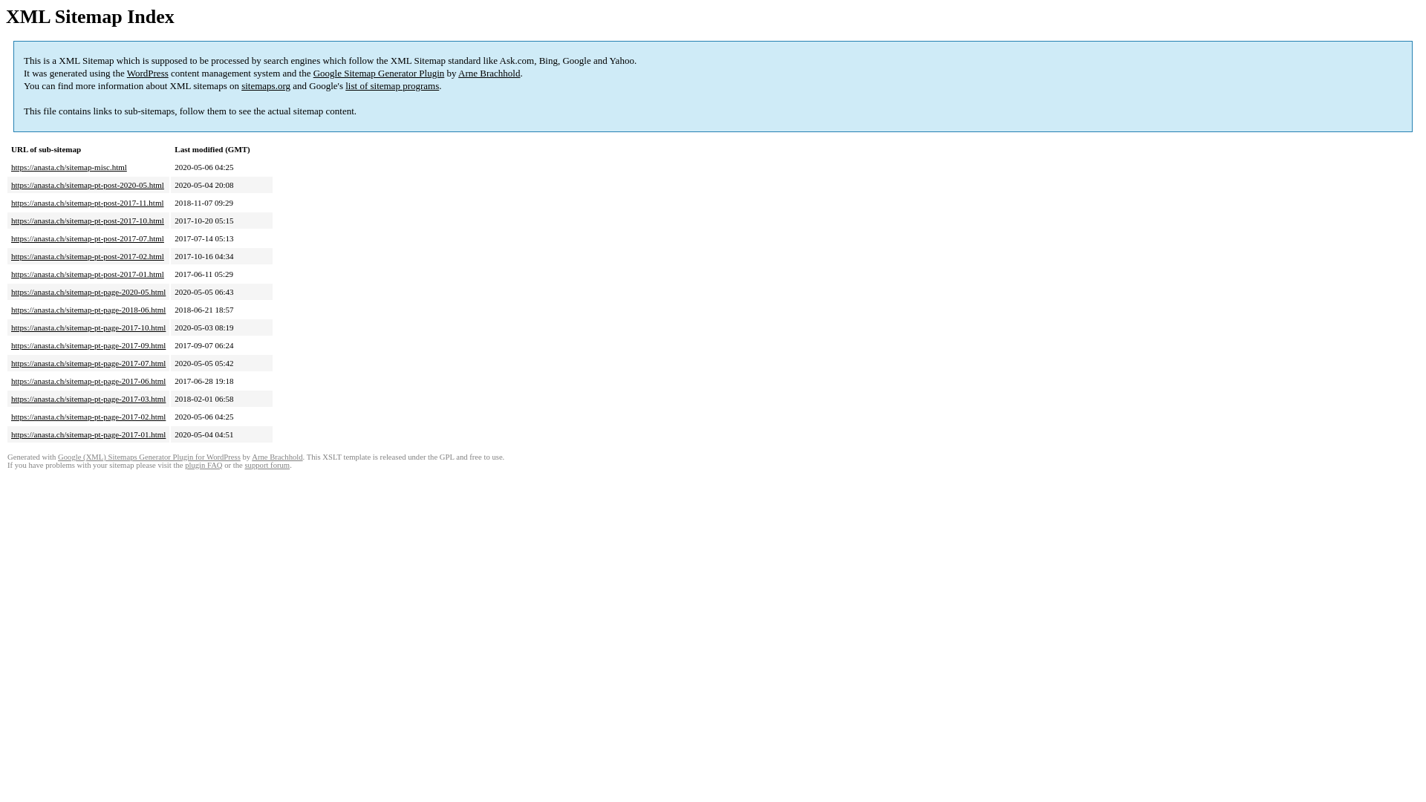  I want to click on 'https://anasta.ch/sitemap-pt-page-2017-02.html', so click(88, 416).